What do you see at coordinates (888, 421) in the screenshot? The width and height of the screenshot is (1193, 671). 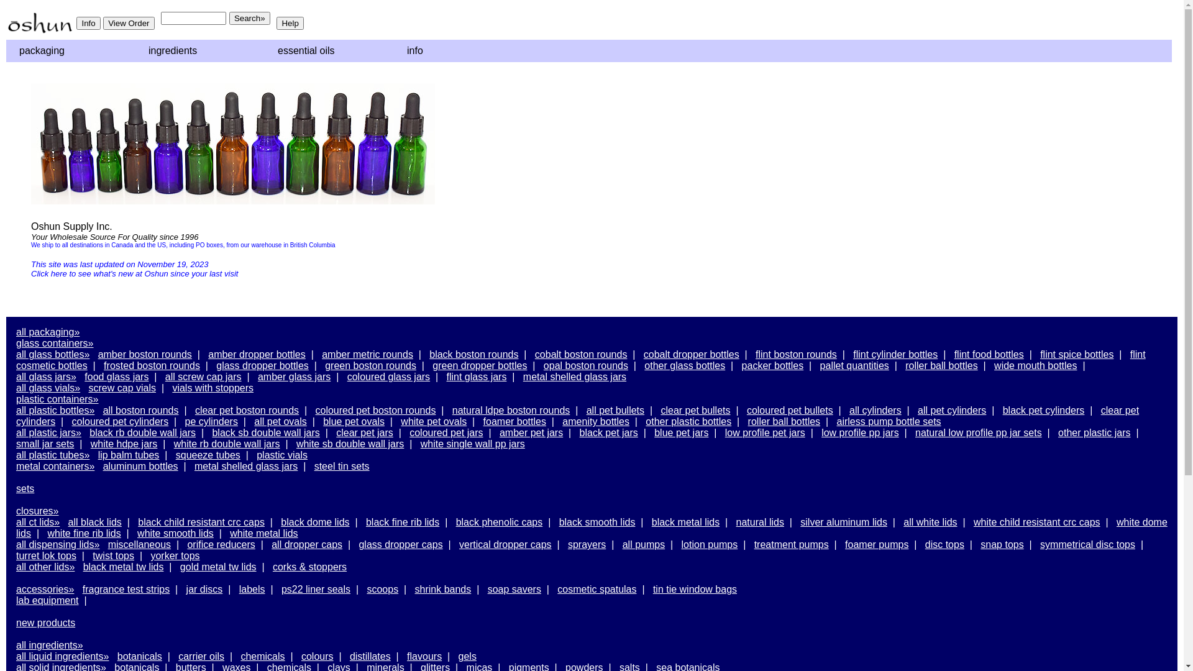 I see `'airless pump bottle sets'` at bounding box center [888, 421].